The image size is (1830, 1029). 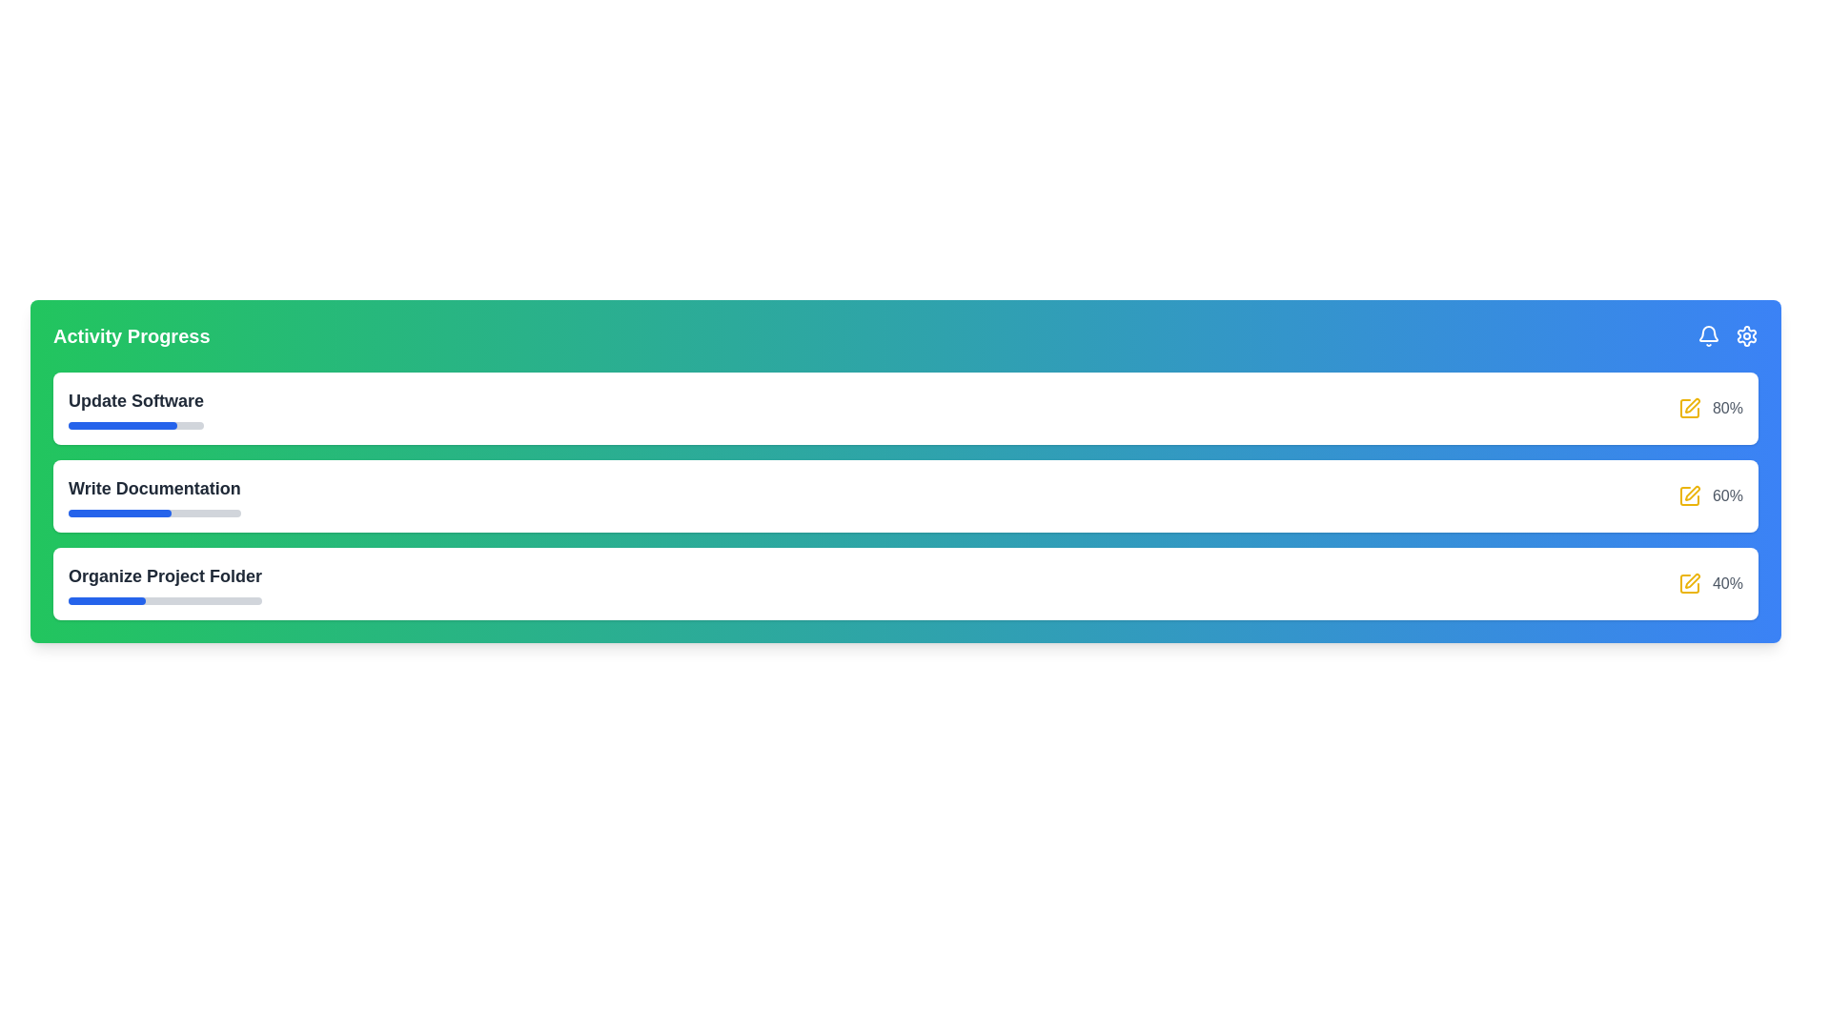 What do you see at coordinates (1711, 494) in the screenshot?
I see `the '60%' text element, which is styled in gray and is located on the far right side of the 'Write Documentation' task card` at bounding box center [1711, 494].